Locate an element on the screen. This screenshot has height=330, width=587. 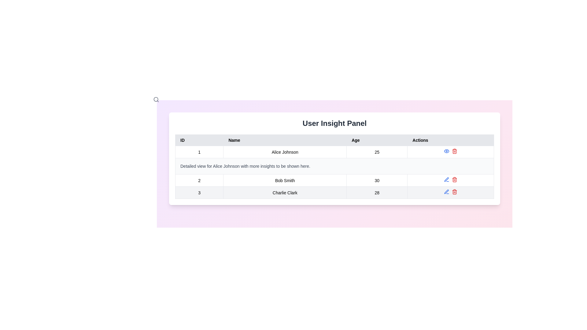
the delete button located in the topmost row of the table under the 'Actions' column is located at coordinates (455, 151).